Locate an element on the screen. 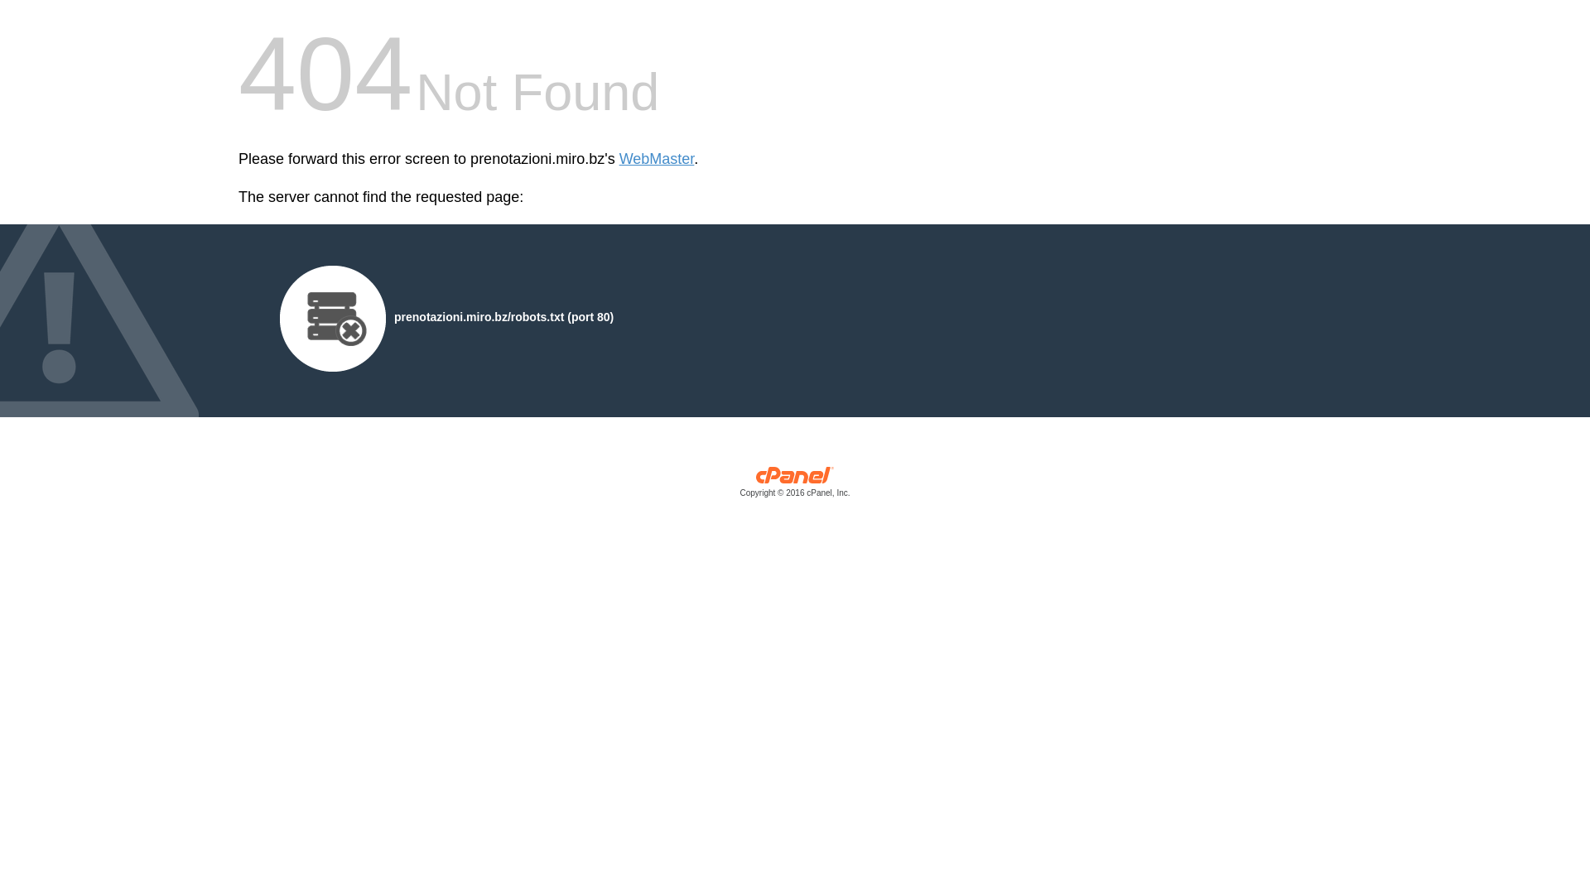 The width and height of the screenshot is (1590, 894). 'WebMaster' is located at coordinates (656, 159).